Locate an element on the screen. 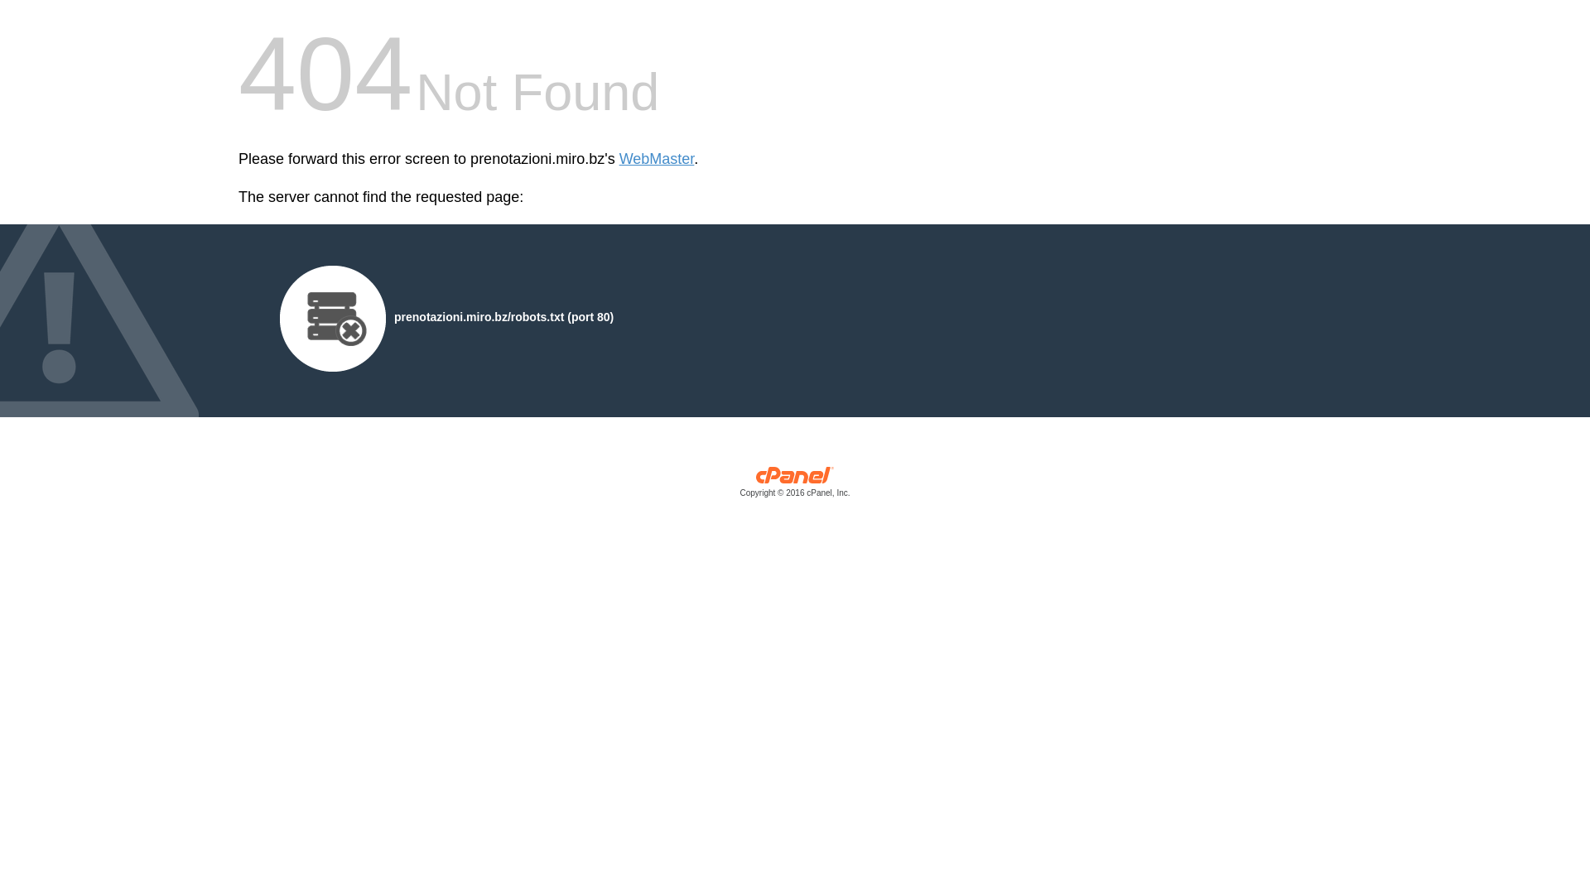 The width and height of the screenshot is (1590, 894). 'WebMaster' is located at coordinates (656, 159).